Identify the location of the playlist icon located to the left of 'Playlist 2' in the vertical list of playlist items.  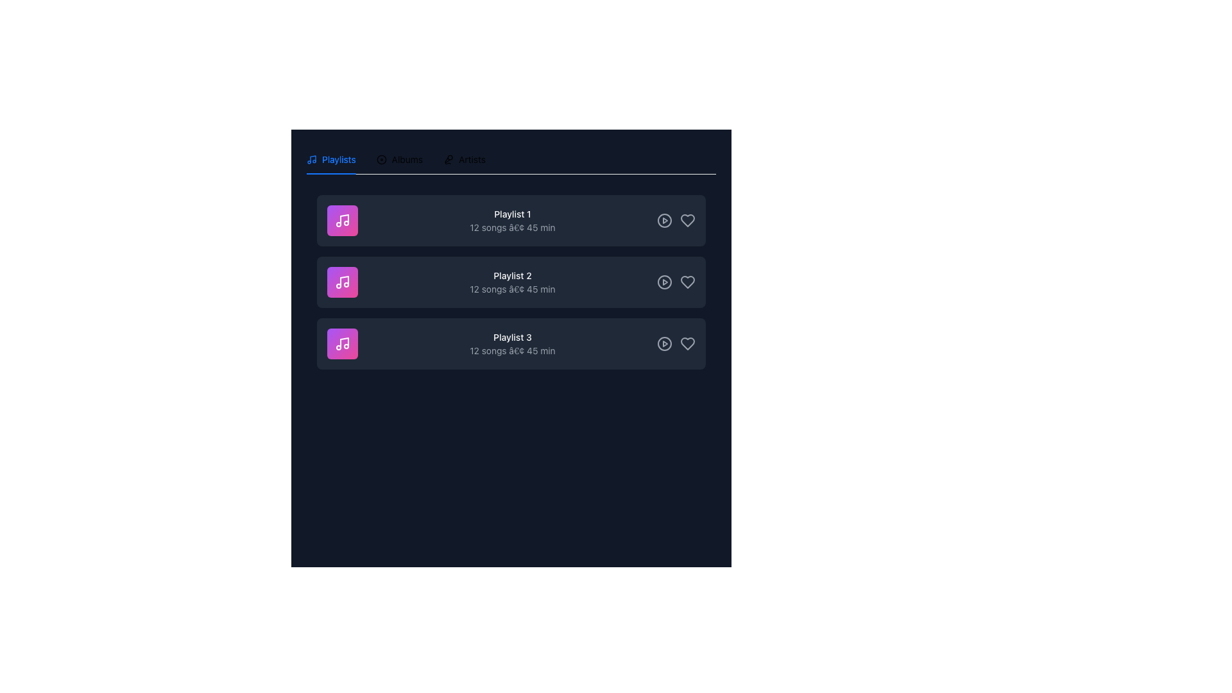
(342, 281).